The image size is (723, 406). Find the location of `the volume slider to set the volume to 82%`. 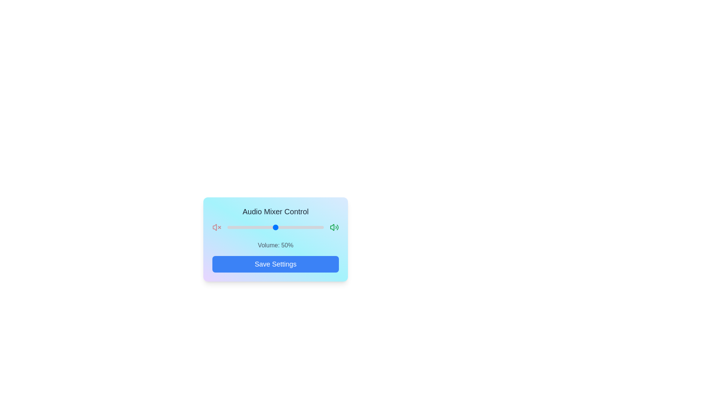

the volume slider to set the volume to 82% is located at coordinates (306, 227).